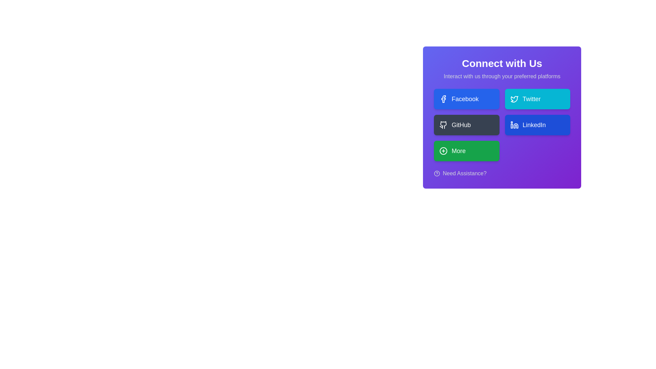 The width and height of the screenshot is (656, 369). I want to click on the graphical component of the LinkedIn icon, which is positioned centrally within the LinkedIn icon button in the platform selection panel, so click(511, 126).